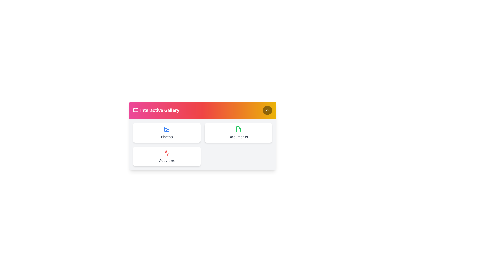 The width and height of the screenshot is (490, 276). I want to click on the upward-pointing chevron-shaped icon, which is centered within a circular button in the top right corner of the header section, so click(267, 110).